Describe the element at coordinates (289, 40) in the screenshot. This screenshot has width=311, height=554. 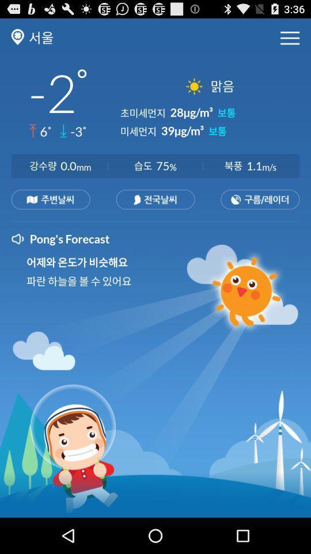
I see `the menu icon` at that location.